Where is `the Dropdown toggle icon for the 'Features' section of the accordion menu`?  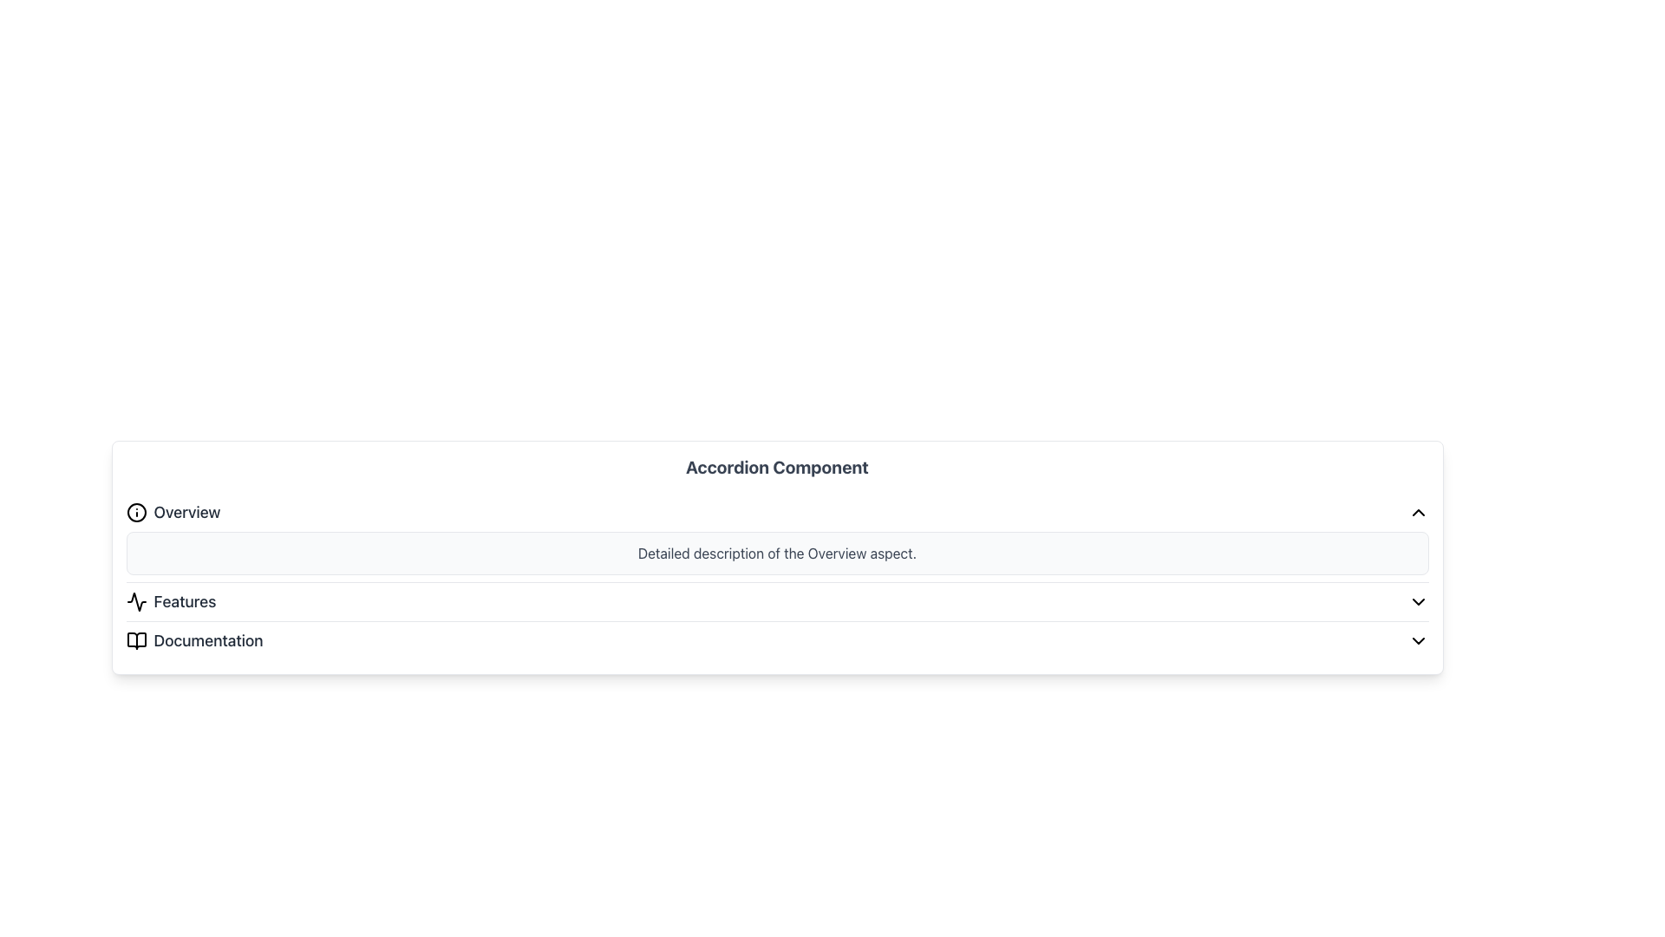
the Dropdown toggle icon for the 'Features' section of the accordion menu is located at coordinates (1418, 601).